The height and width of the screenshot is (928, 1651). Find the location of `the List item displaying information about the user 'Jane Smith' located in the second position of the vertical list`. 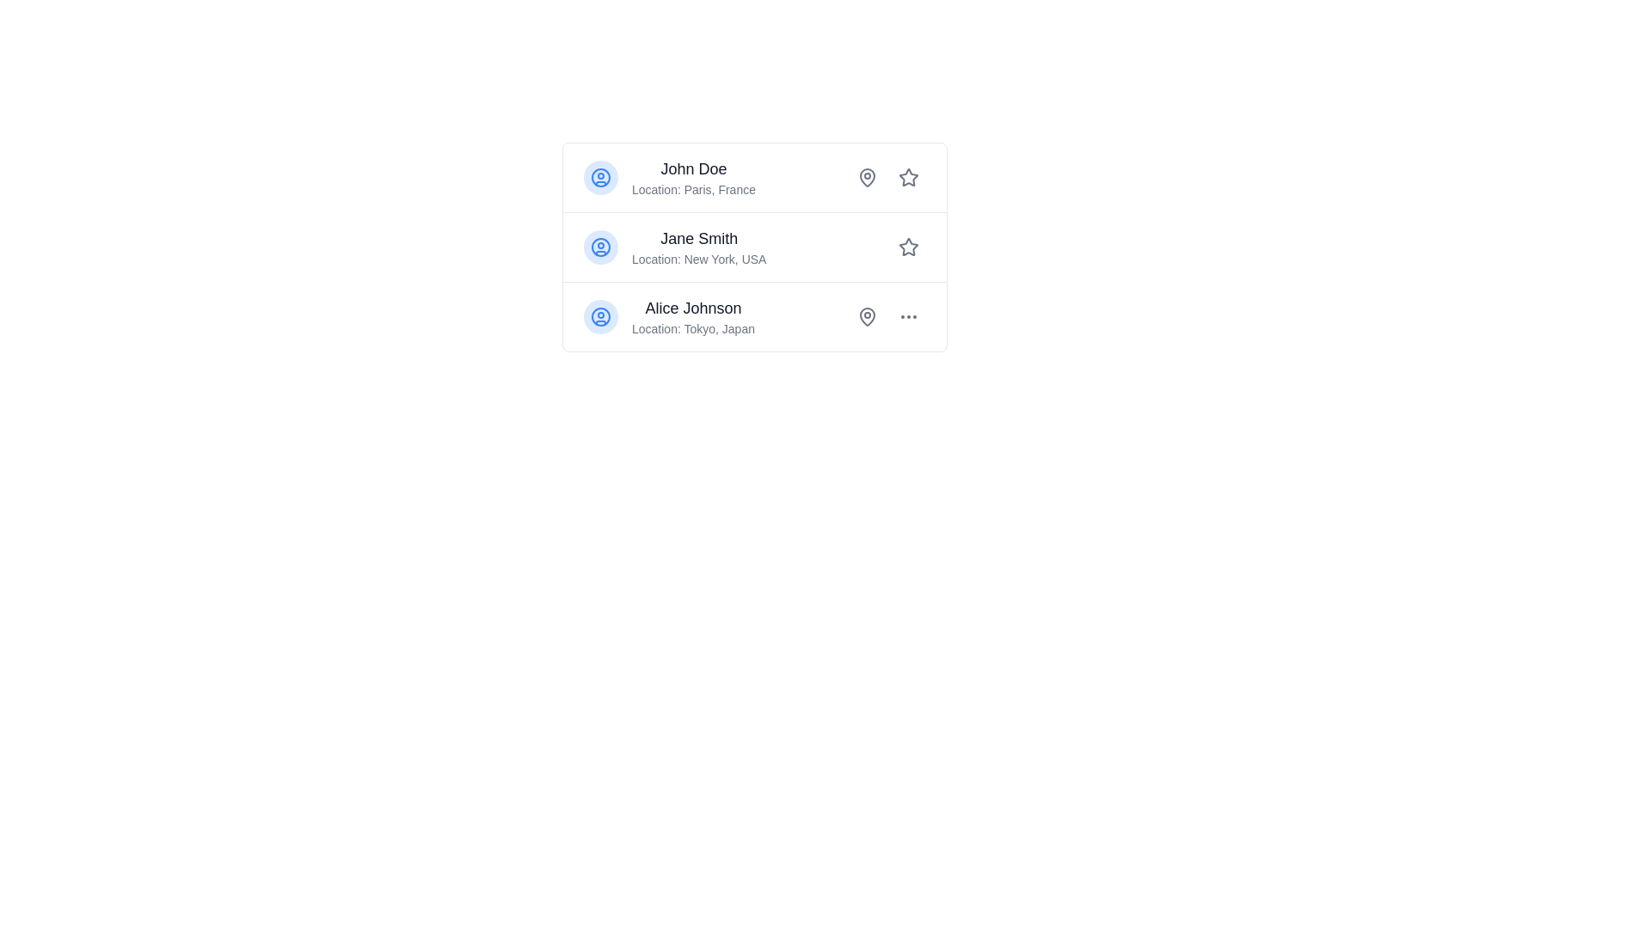

the List item displaying information about the user 'Jane Smith' located in the second position of the vertical list is located at coordinates (755, 247).